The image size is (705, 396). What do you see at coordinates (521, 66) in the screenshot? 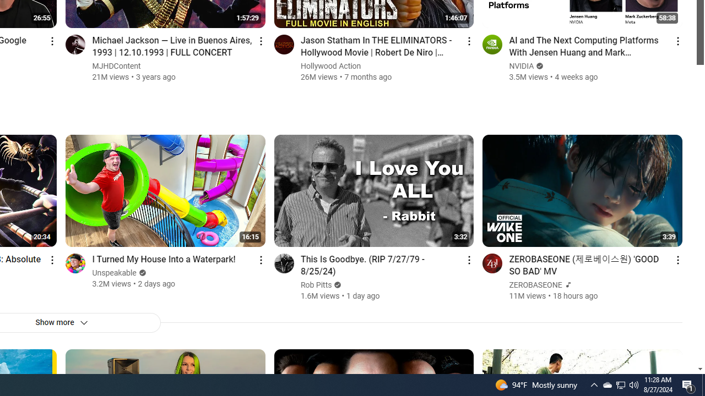
I see `'NVIDIA'` at bounding box center [521, 66].